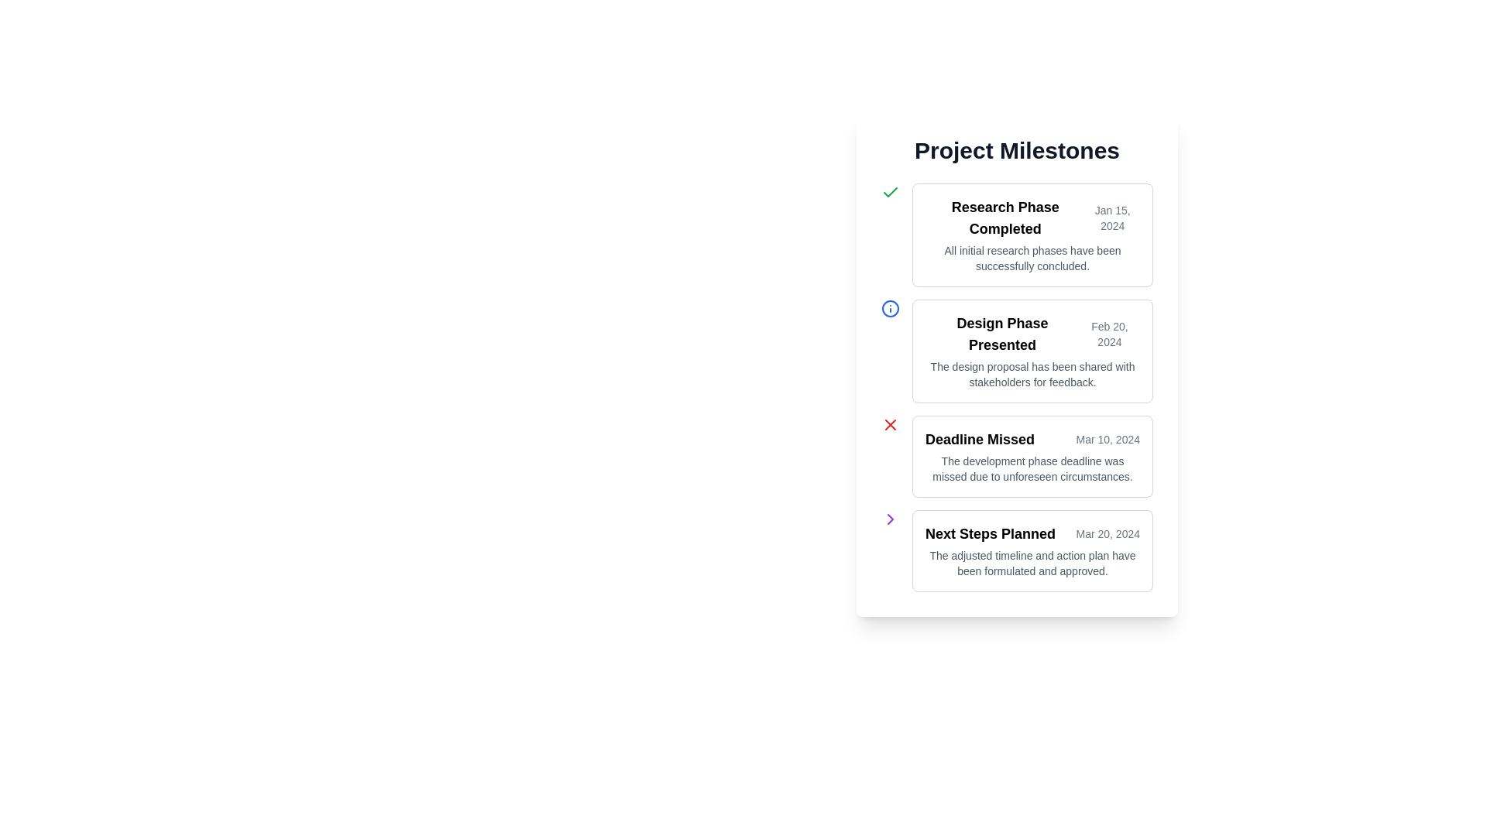 This screenshot has height=836, width=1487. What do you see at coordinates (891, 191) in the screenshot?
I see `the green checkmark icon indicating a completed state, located to the left of the 'Research Phase Completed' title` at bounding box center [891, 191].